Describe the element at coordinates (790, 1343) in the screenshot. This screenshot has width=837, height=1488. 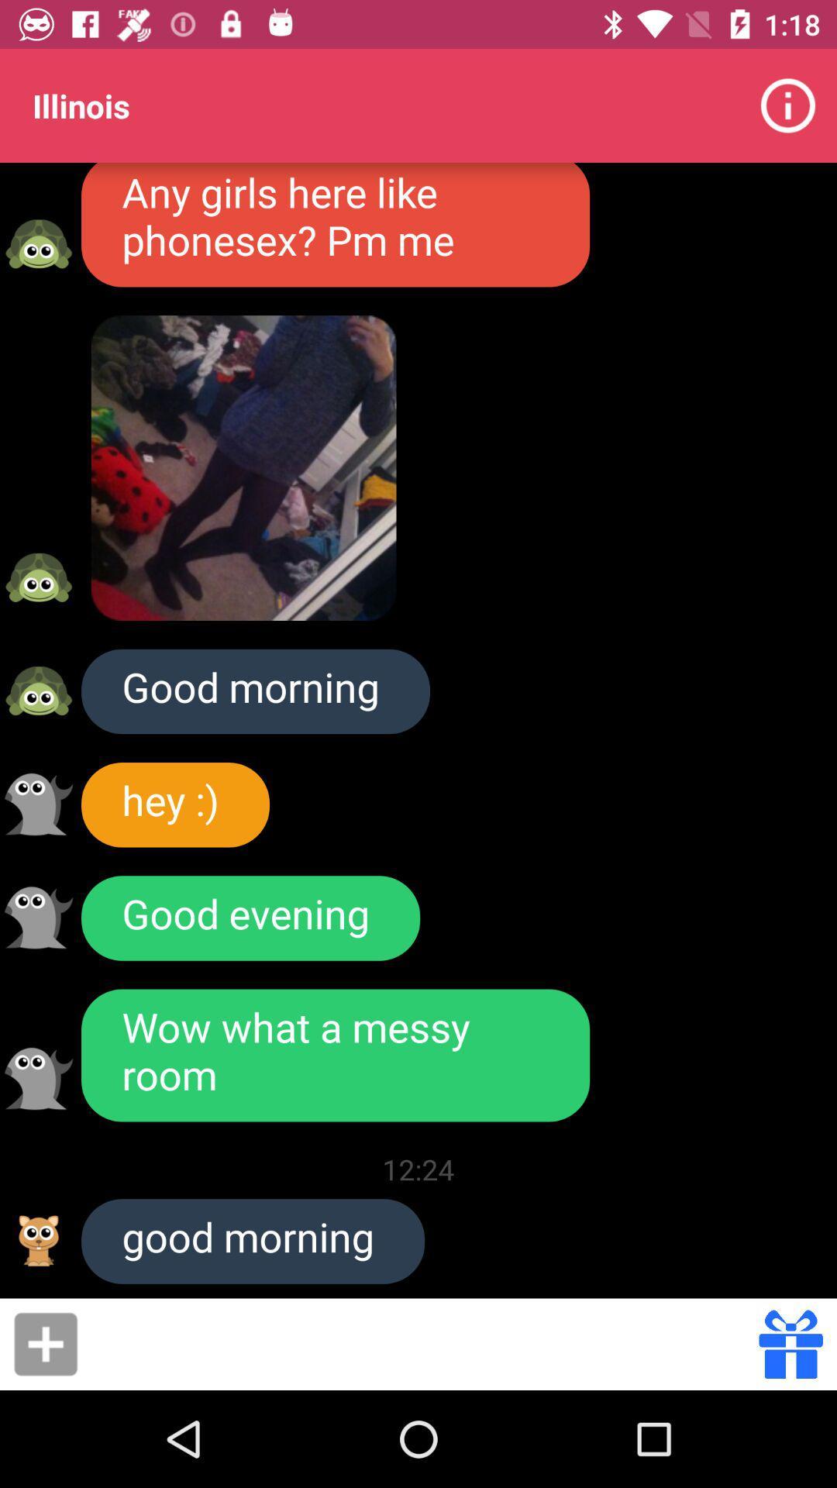
I see `the gift icon` at that location.